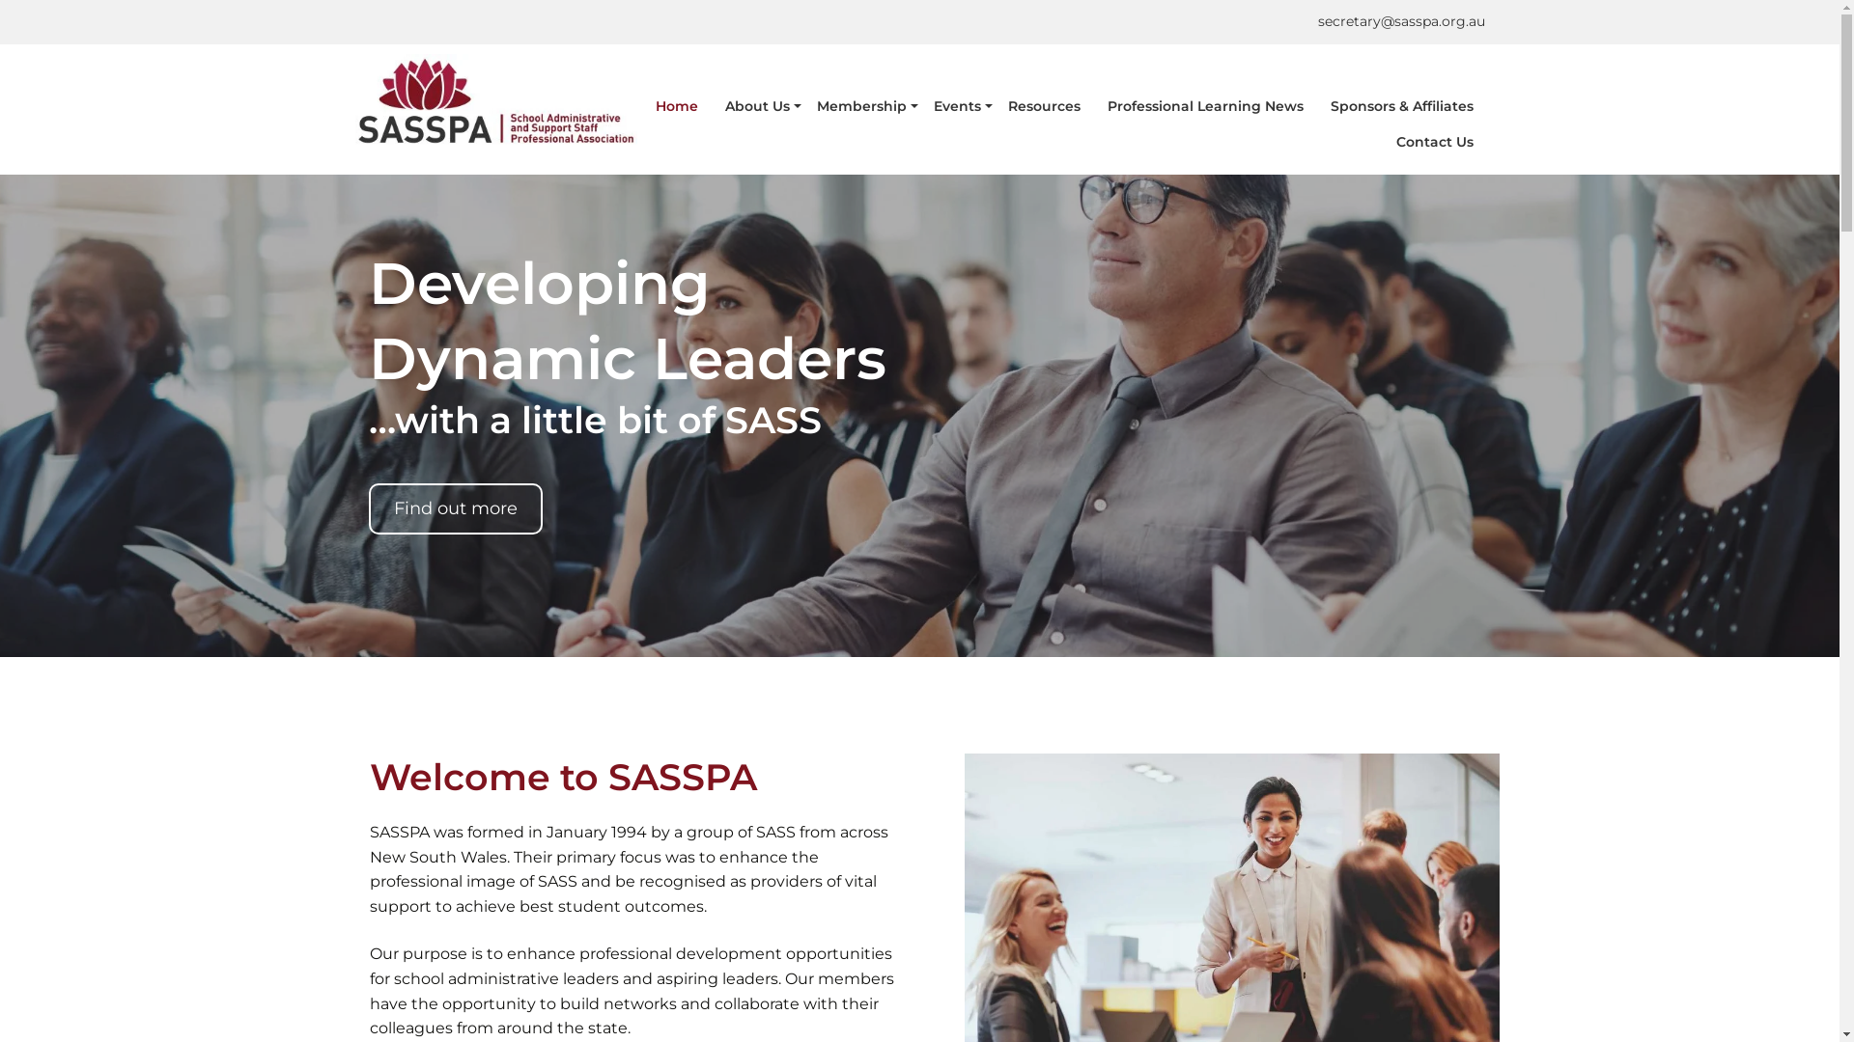 Image resolution: width=1854 pixels, height=1042 pixels. Describe the element at coordinates (1400, 21) in the screenshot. I see `'secretary@sasspa.org.au'` at that location.